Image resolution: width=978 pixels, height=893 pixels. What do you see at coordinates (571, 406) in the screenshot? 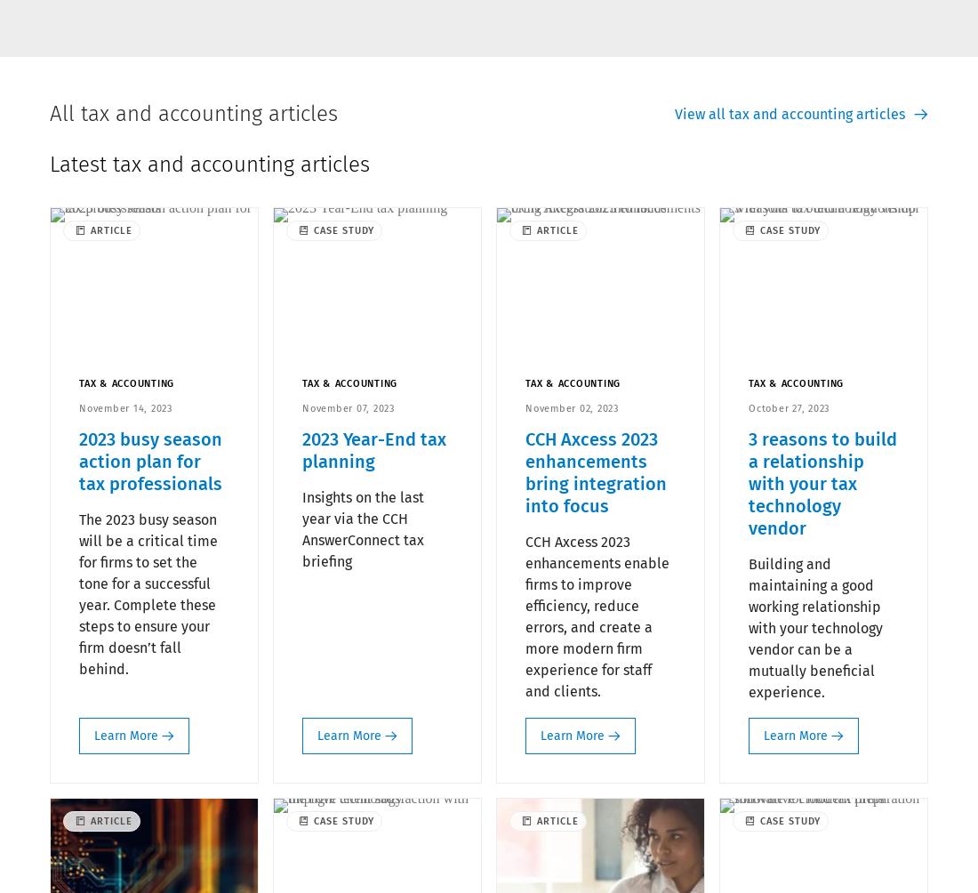
I see `'November 02, 2023'` at bounding box center [571, 406].